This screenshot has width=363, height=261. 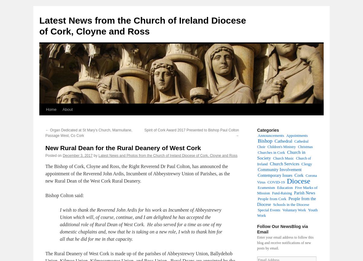 What do you see at coordinates (286, 135) in the screenshot?
I see `'Appointments'` at bounding box center [286, 135].